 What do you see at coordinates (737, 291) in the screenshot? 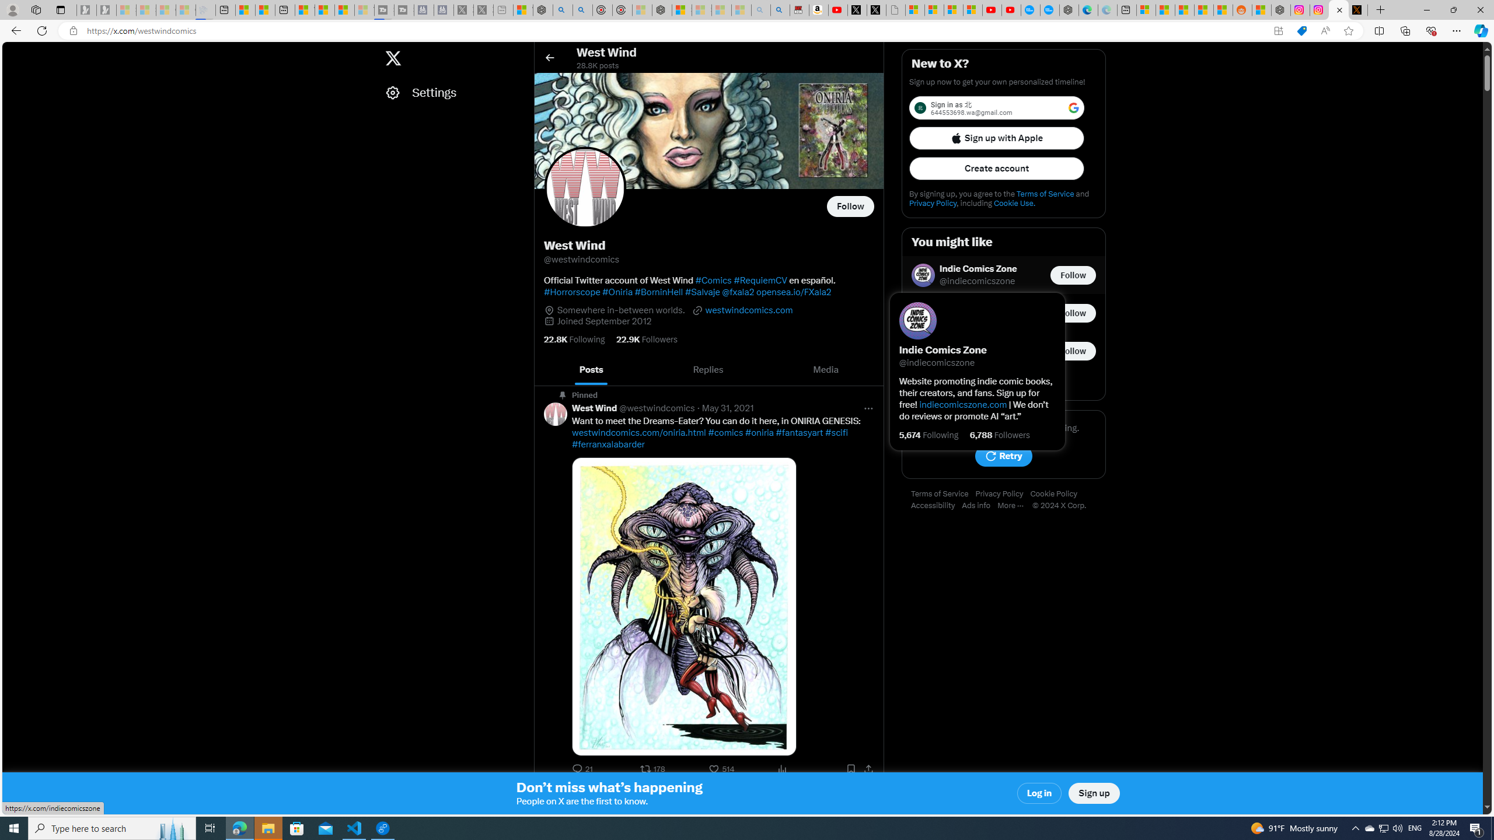
I see `'@fxala2'` at bounding box center [737, 291].